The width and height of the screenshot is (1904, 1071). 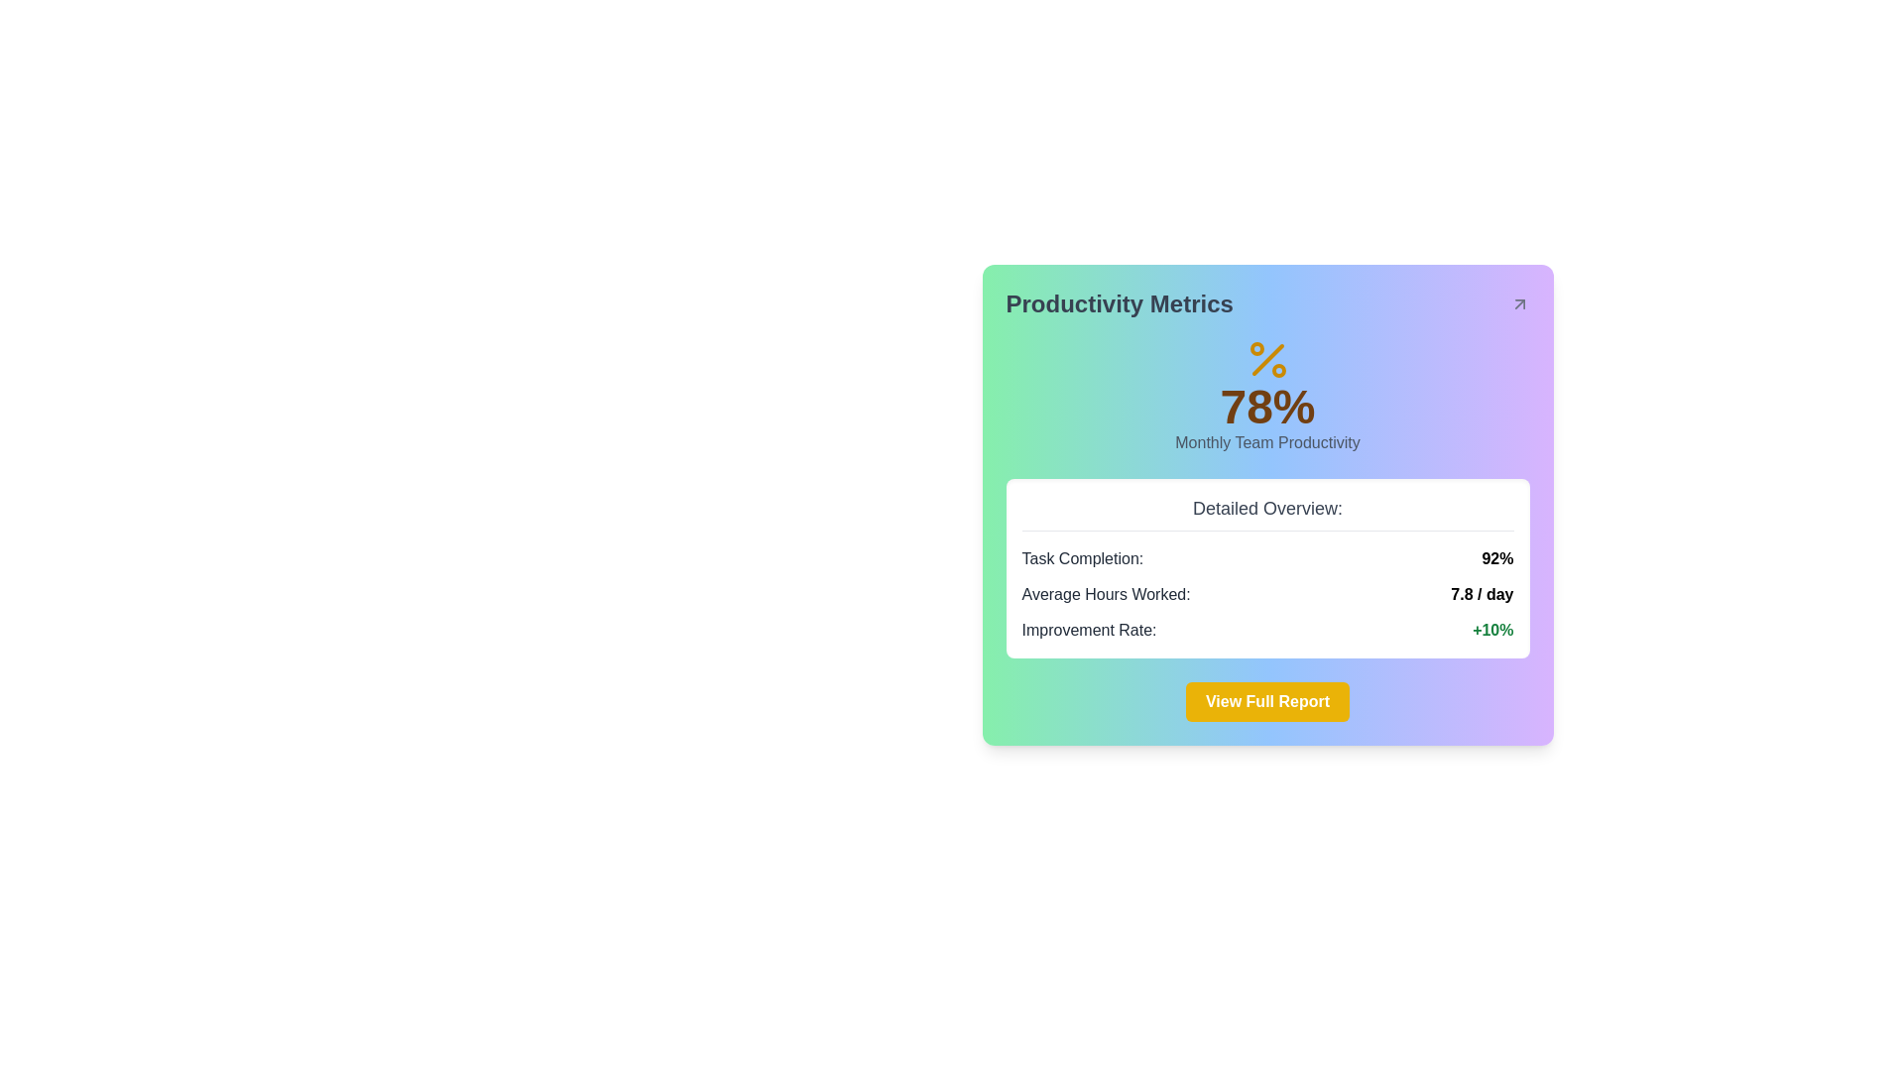 I want to click on the button located at the bottom center of the card element, so click(x=1266, y=701).